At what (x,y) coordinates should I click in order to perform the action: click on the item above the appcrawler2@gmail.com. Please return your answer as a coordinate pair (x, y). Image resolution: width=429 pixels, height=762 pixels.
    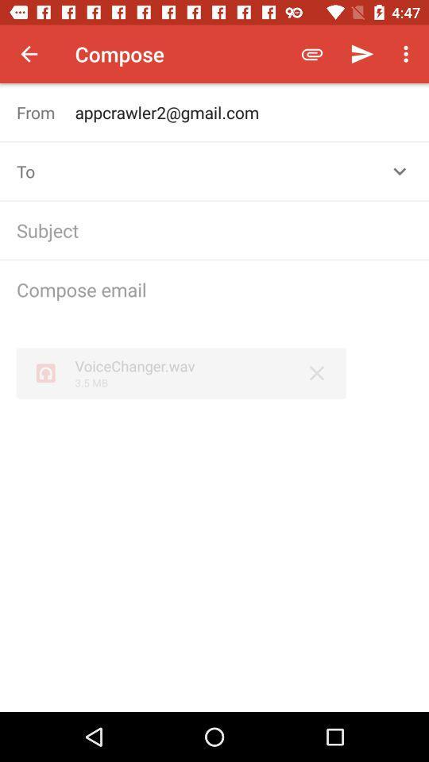
    Looking at the image, I should click on (312, 54).